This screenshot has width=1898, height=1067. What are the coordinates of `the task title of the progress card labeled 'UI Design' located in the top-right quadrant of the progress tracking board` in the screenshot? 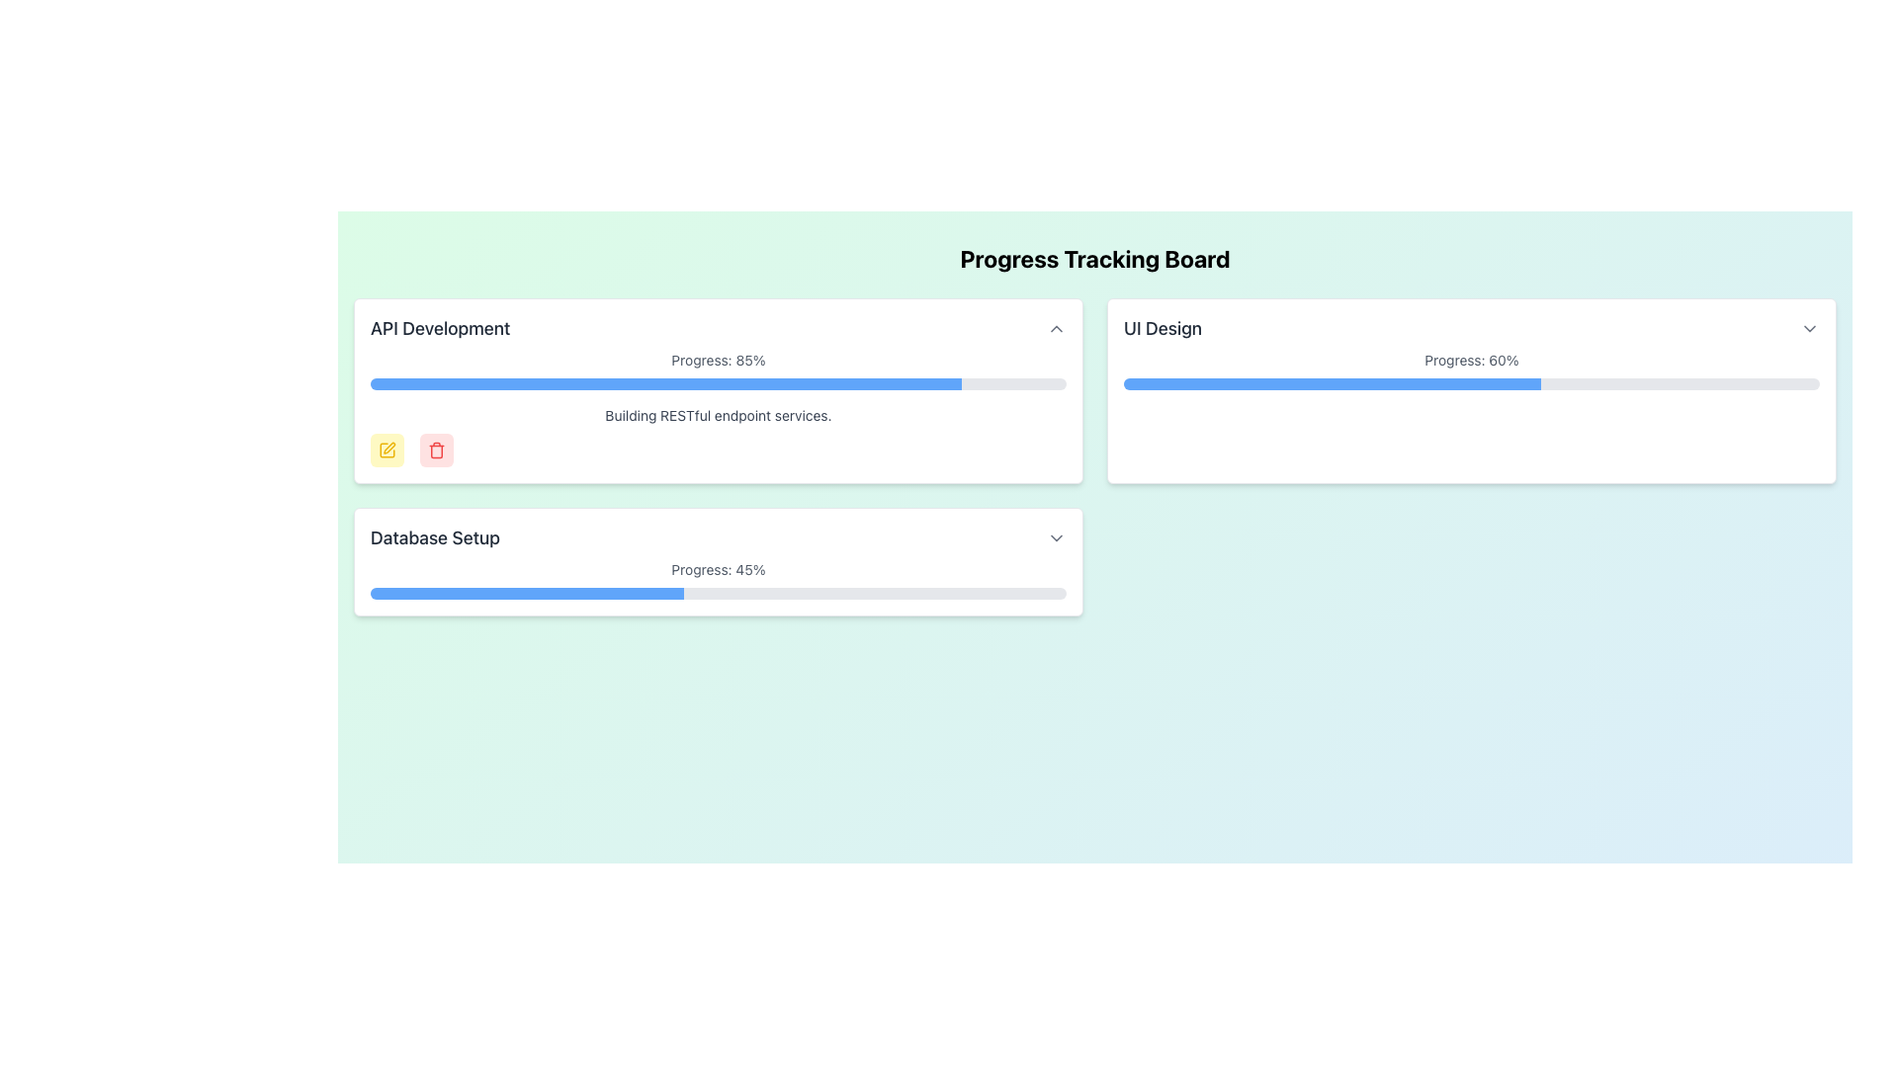 It's located at (1471, 391).